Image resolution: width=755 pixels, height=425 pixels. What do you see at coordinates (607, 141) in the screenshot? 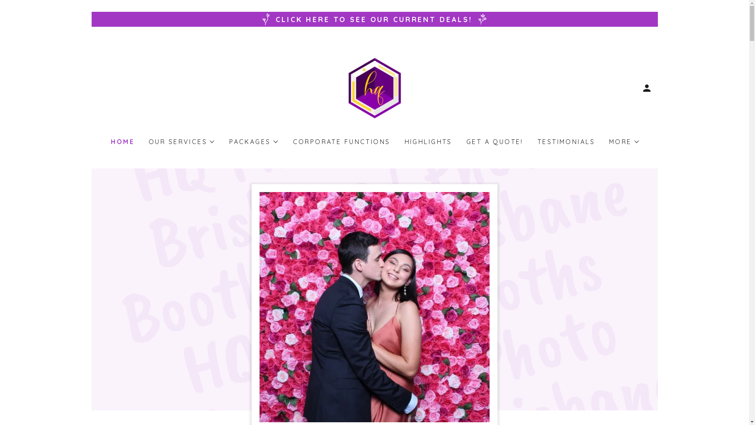
I see `'MORE'` at bounding box center [607, 141].